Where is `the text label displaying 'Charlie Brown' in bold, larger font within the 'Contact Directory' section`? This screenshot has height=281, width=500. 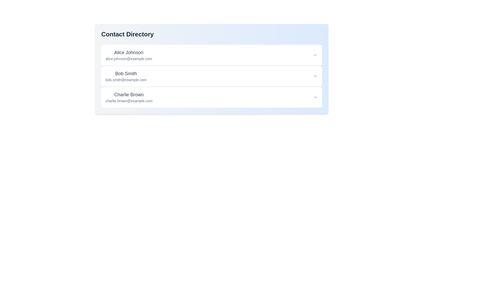 the text label displaying 'Charlie Brown' in bold, larger font within the 'Contact Directory' section is located at coordinates (129, 94).